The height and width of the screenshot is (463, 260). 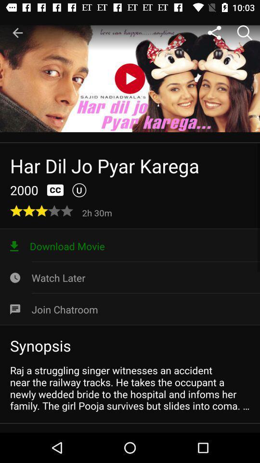 What do you see at coordinates (98, 212) in the screenshot?
I see `2h 30m  icon` at bounding box center [98, 212].